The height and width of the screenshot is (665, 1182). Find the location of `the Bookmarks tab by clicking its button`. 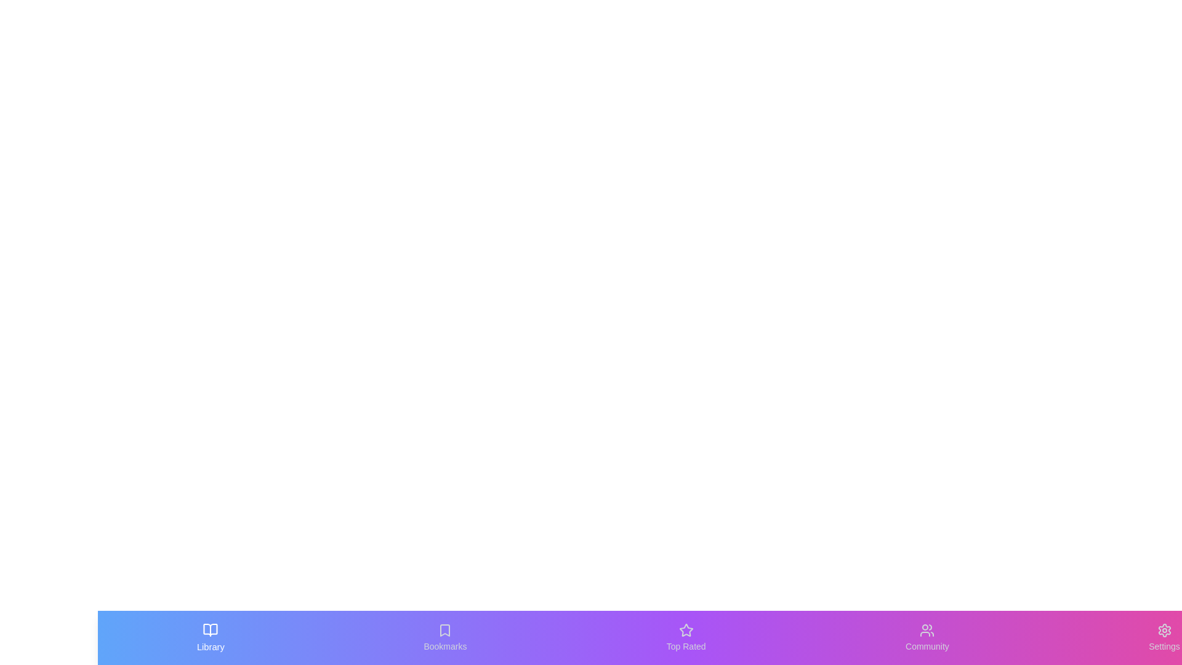

the Bookmarks tab by clicking its button is located at coordinates (444, 637).